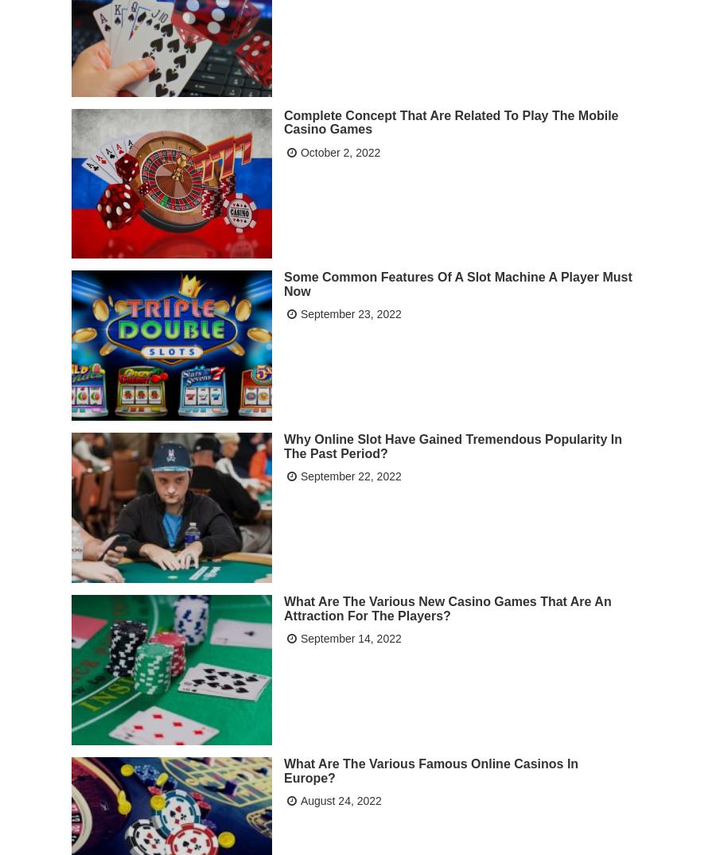 Image resolution: width=716 pixels, height=855 pixels. Describe the element at coordinates (350, 636) in the screenshot. I see `'September 14, 2022'` at that location.